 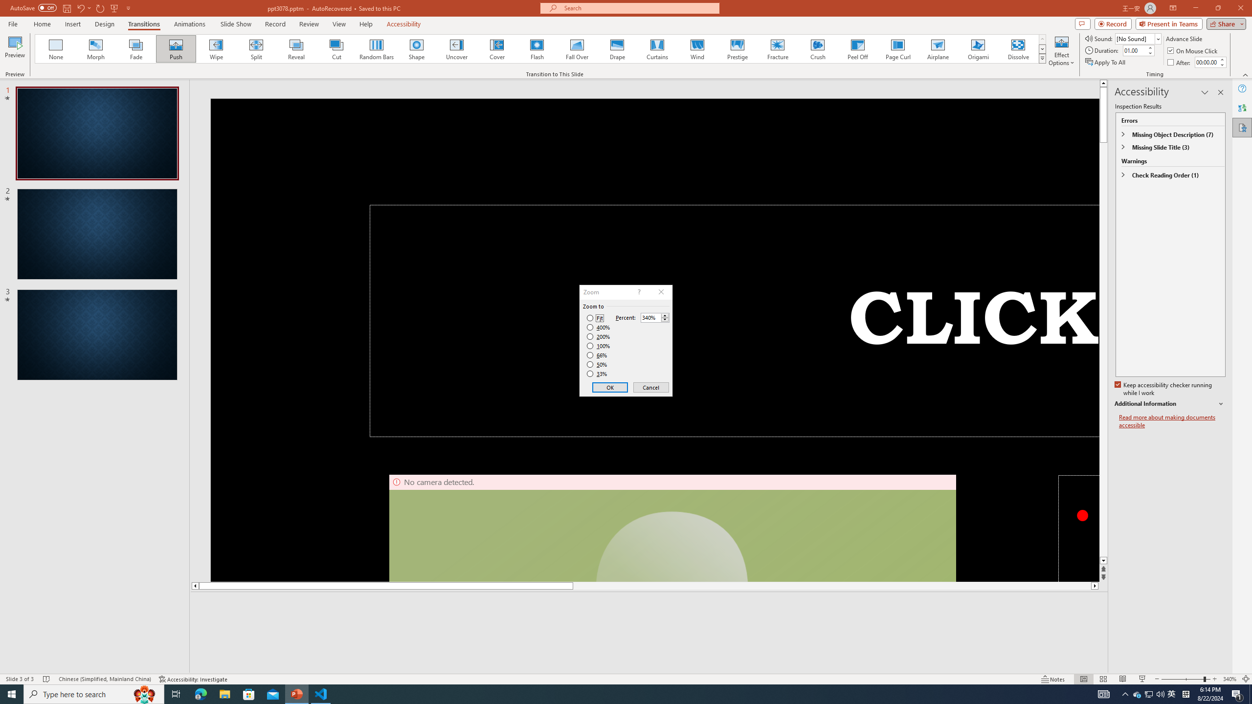 What do you see at coordinates (777, 48) in the screenshot?
I see `'Fracture'` at bounding box center [777, 48].